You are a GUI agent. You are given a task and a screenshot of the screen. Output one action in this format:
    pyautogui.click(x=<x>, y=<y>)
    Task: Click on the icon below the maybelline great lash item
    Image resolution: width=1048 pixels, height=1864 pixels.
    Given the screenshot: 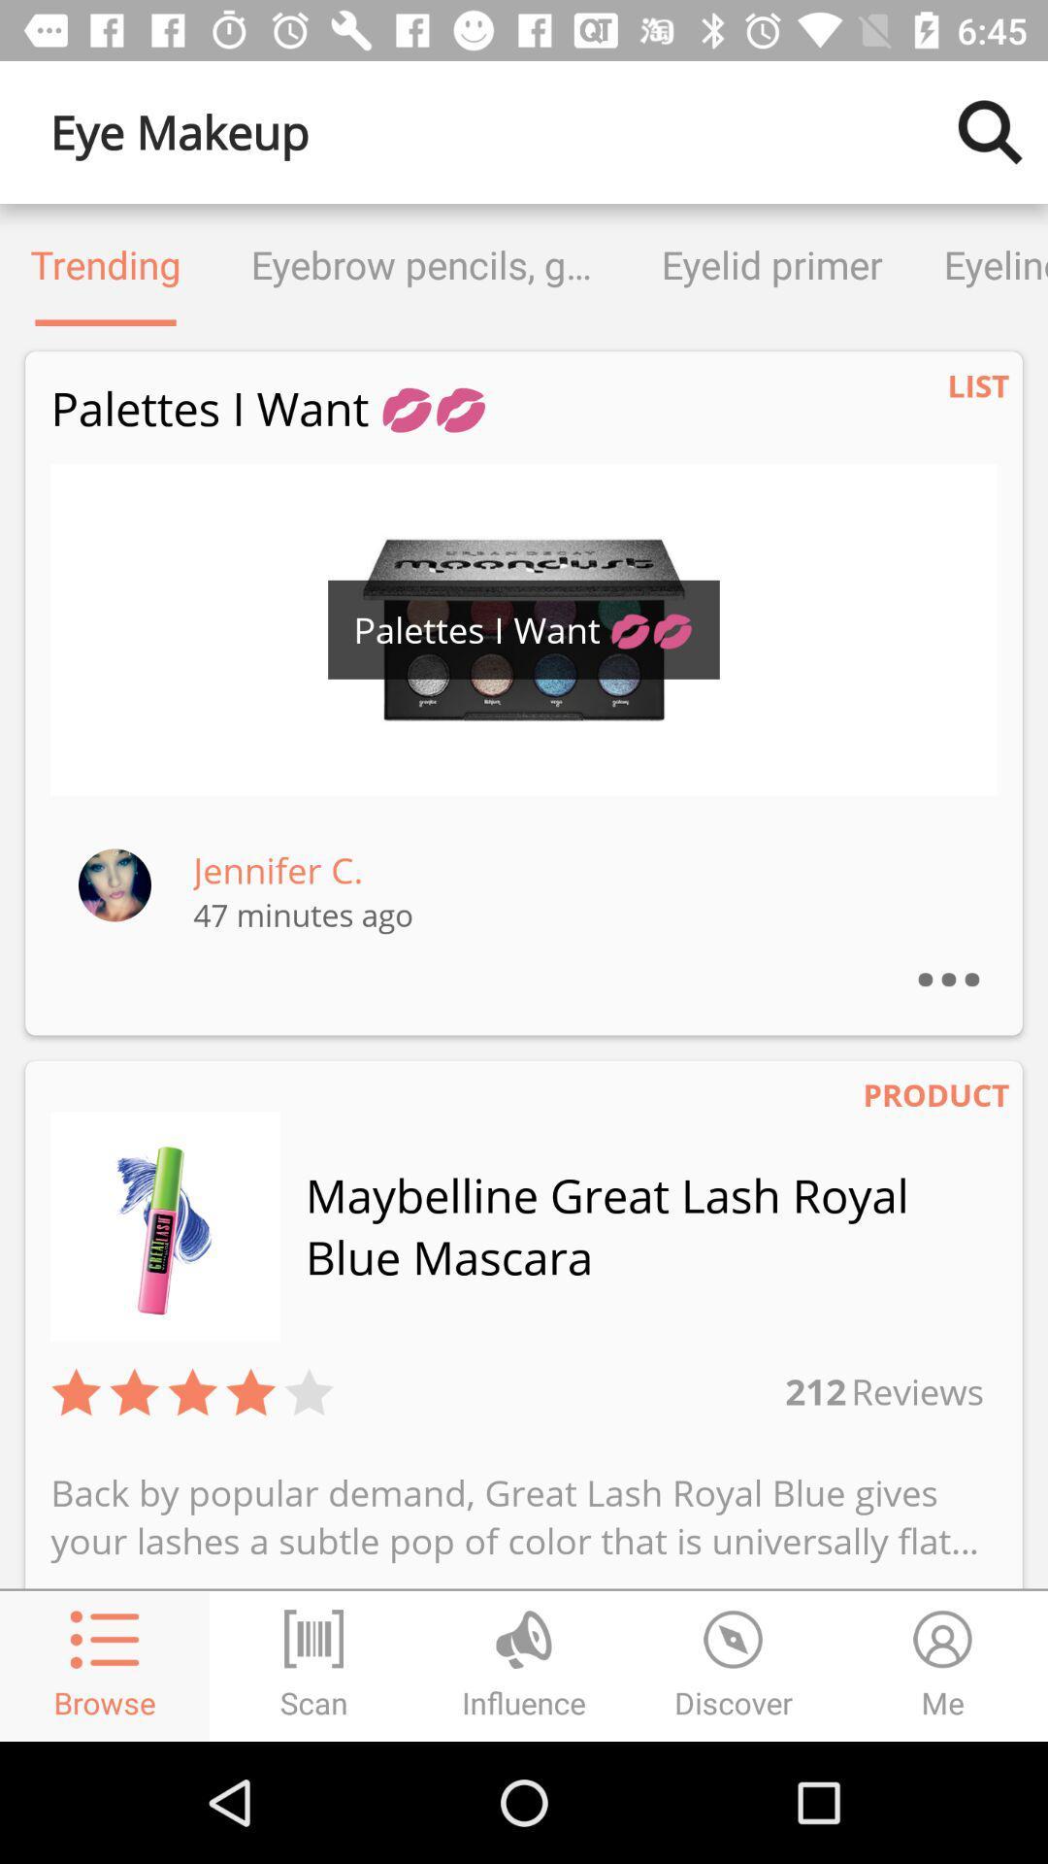 What is the action you would take?
    pyautogui.click(x=915, y=1390)
    